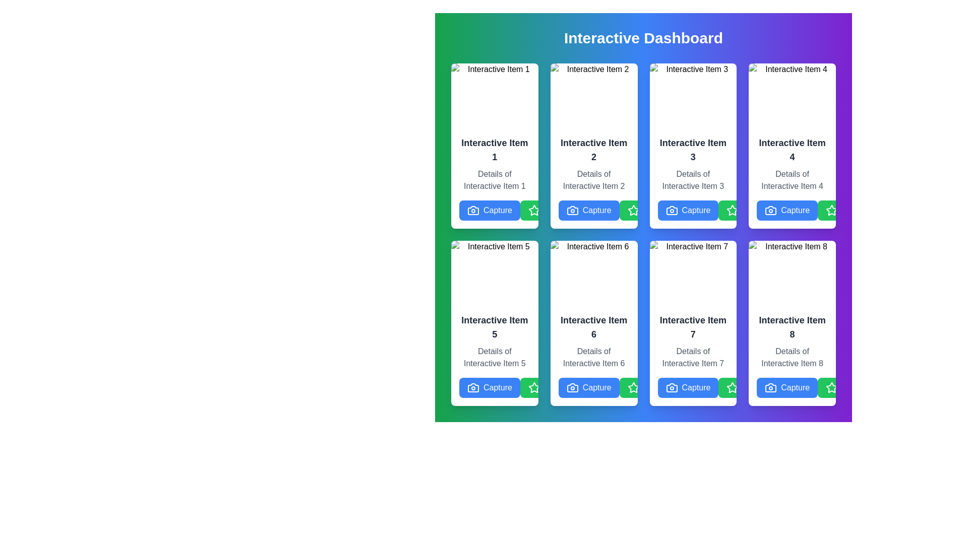  Describe the element at coordinates (749, 210) in the screenshot. I see `the green 'Favorite' button with rounded corners, featuring white text and a star icon` at that location.